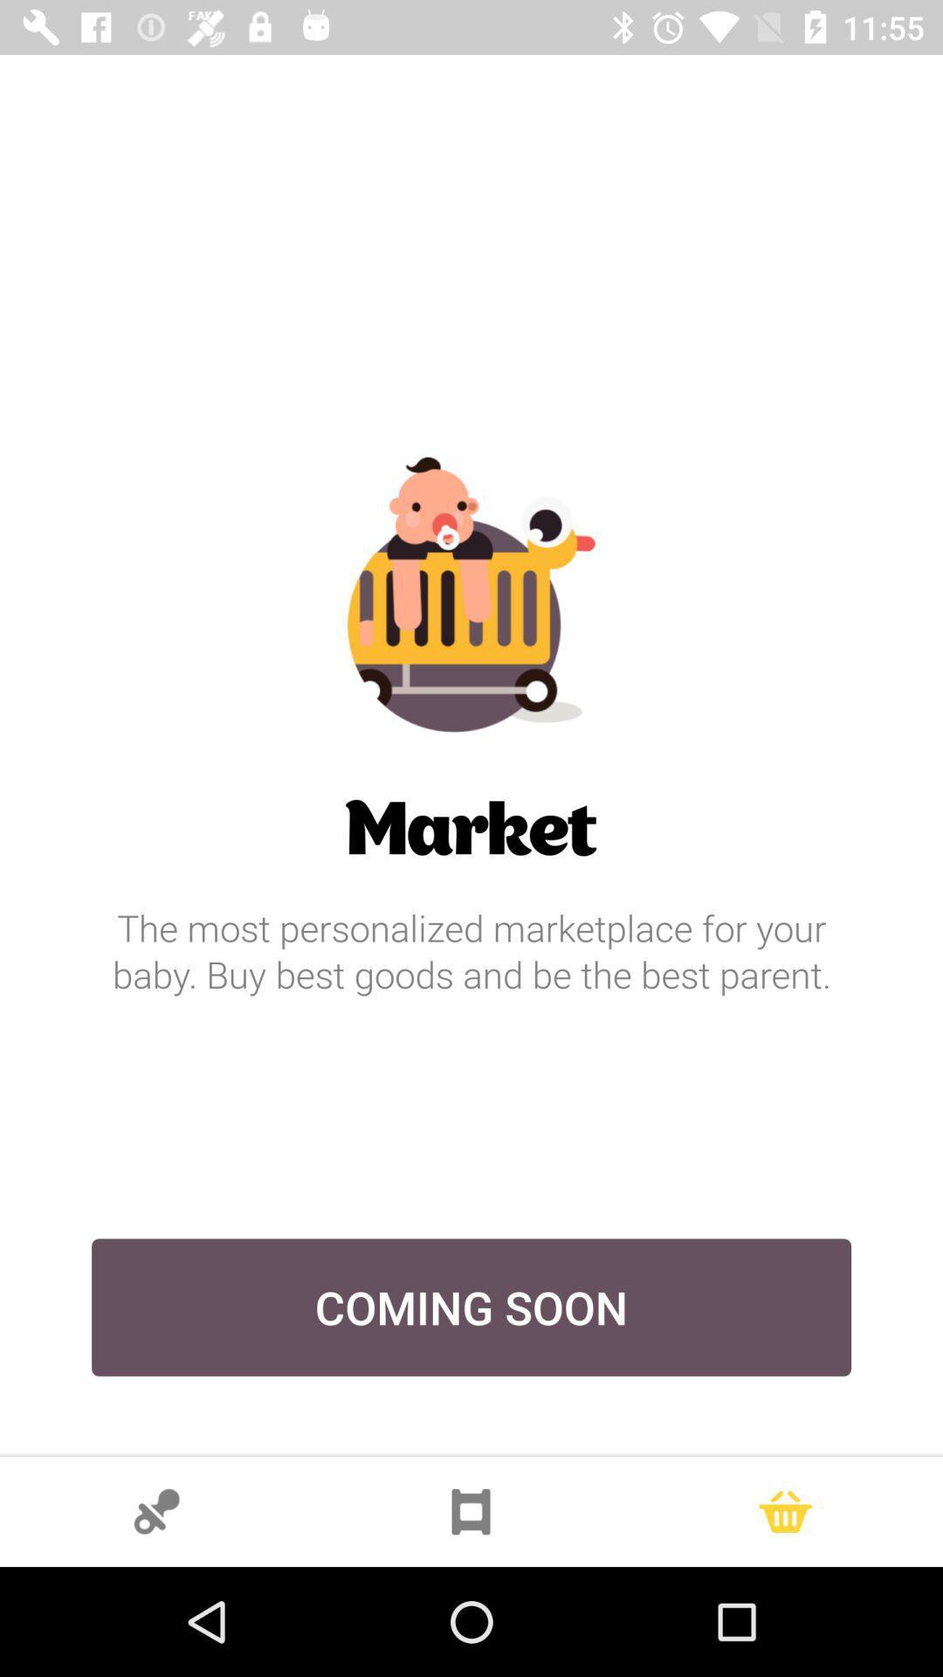  What do you see at coordinates (157, 1511) in the screenshot?
I see `icon at the bottom left corner` at bounding box center [157, 1511].